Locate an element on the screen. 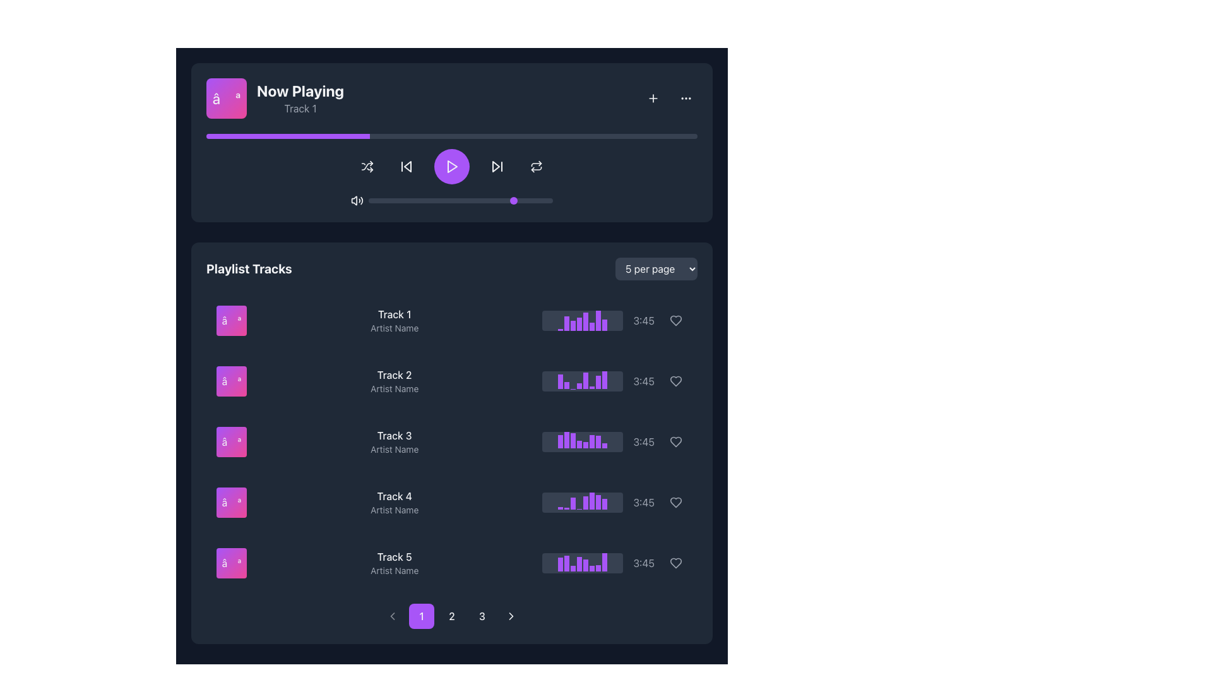 This screenshot has height=682, width=1212. the fifth bar in the audio visualization area, which serves as a visual indicator of the track's volume or amplitude is located at coordinates (585, 565).